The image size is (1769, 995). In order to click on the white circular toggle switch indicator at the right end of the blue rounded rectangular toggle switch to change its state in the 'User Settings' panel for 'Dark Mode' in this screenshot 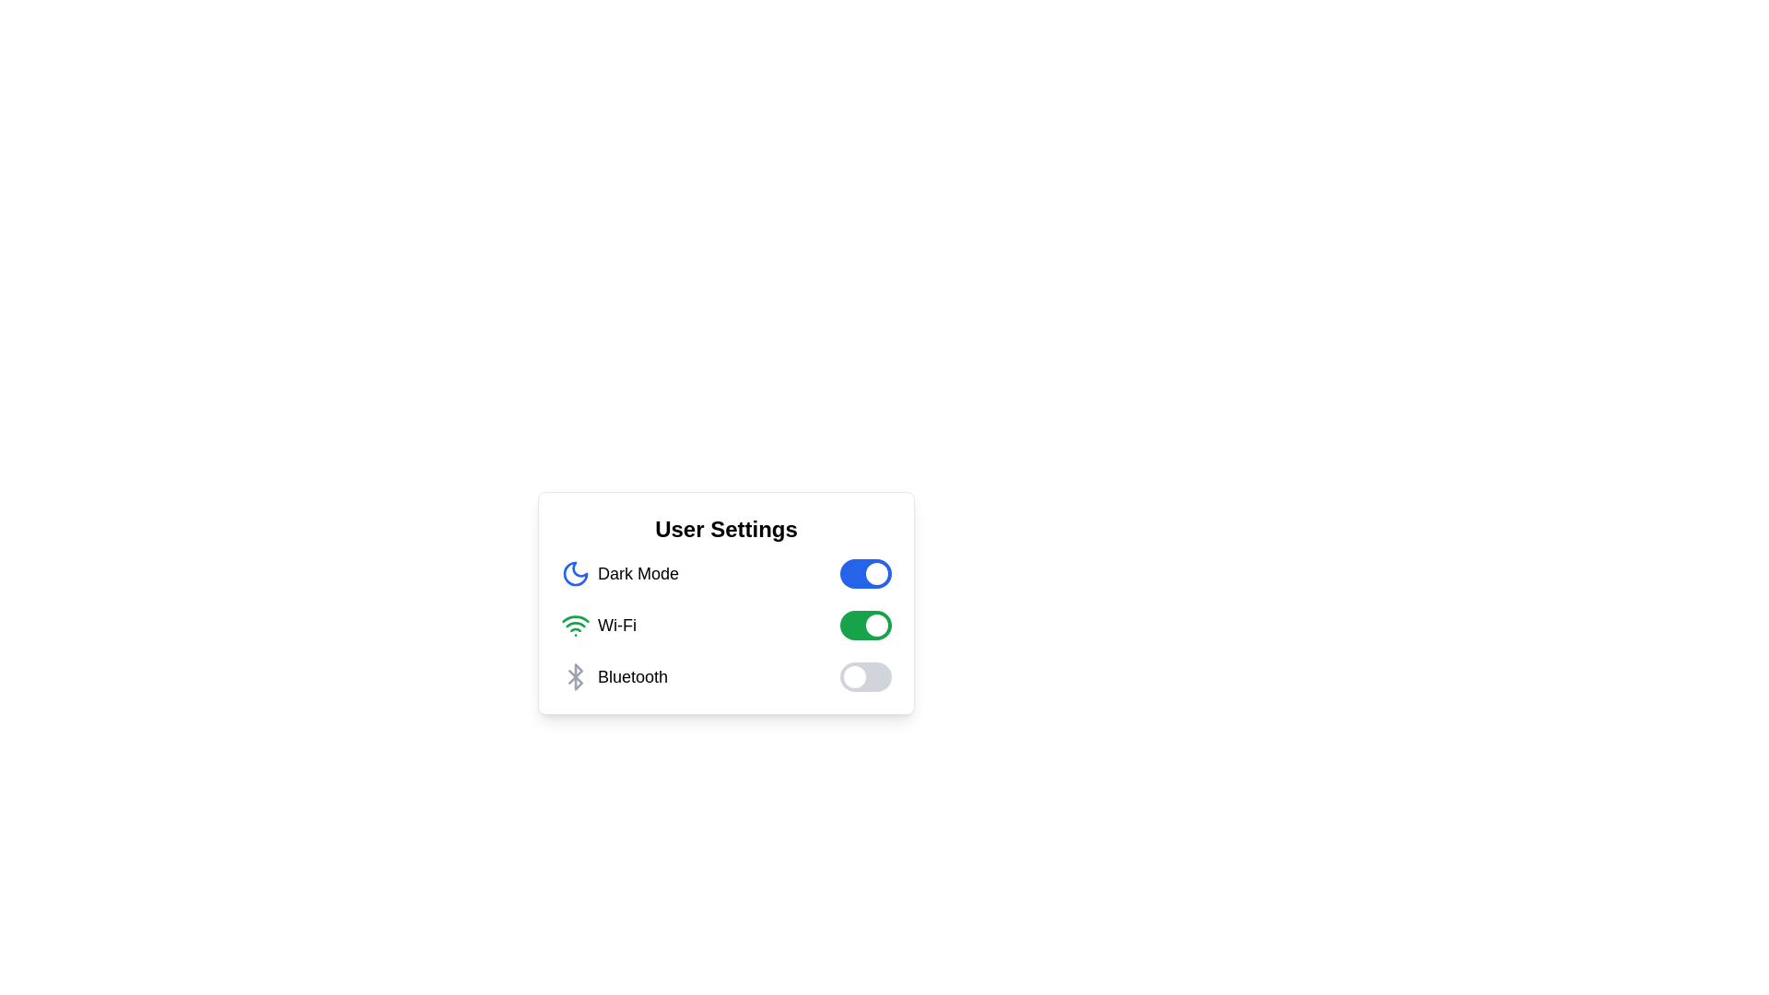, I will do `click(875, 573)`.